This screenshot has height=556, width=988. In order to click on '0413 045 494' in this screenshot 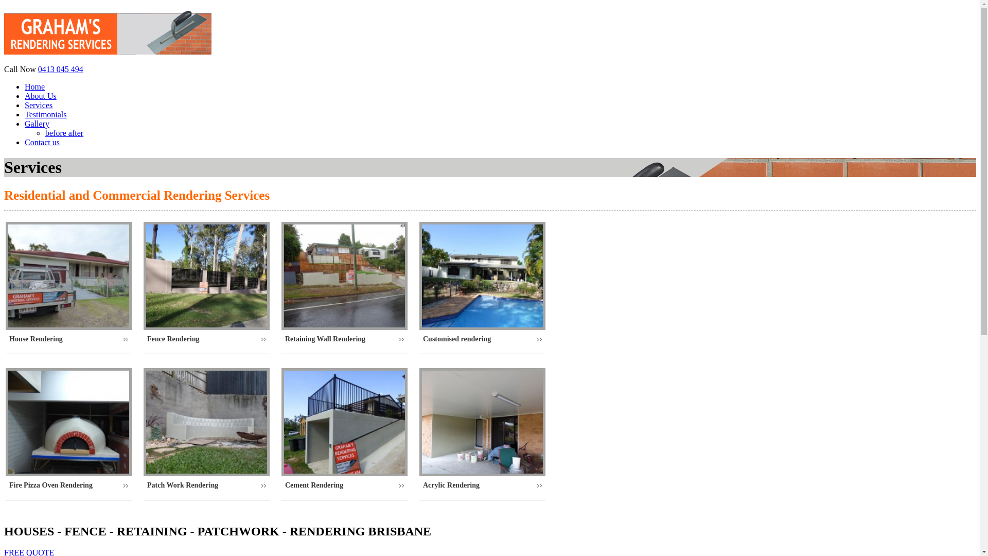, I will do `click(38, 69)`.